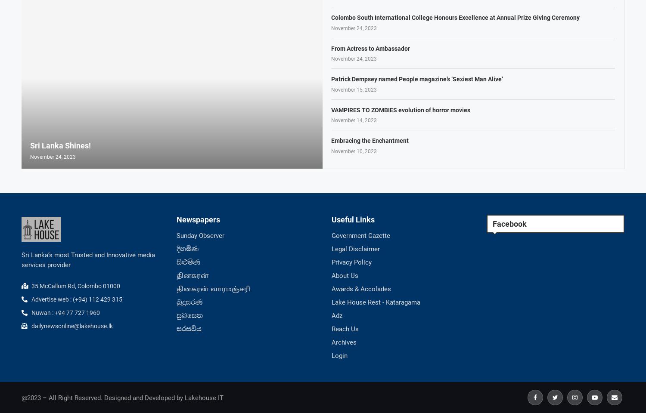 The image size is (646, 413). Describe the element at coordinates (331, 48) in the screenshot. I see `'From Actress to Ambassador'` at that location.